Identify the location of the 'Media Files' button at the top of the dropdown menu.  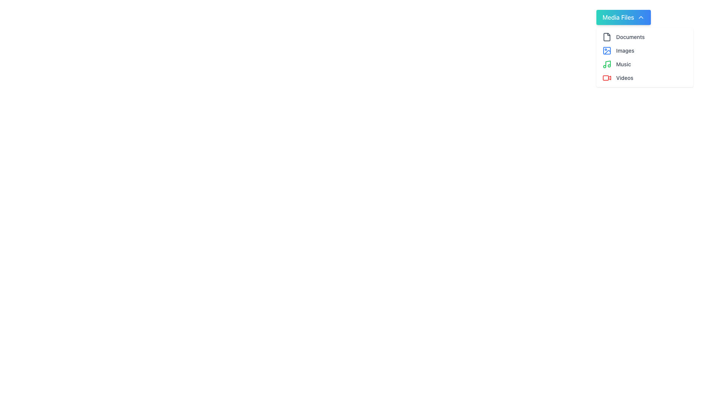
(623, 17).